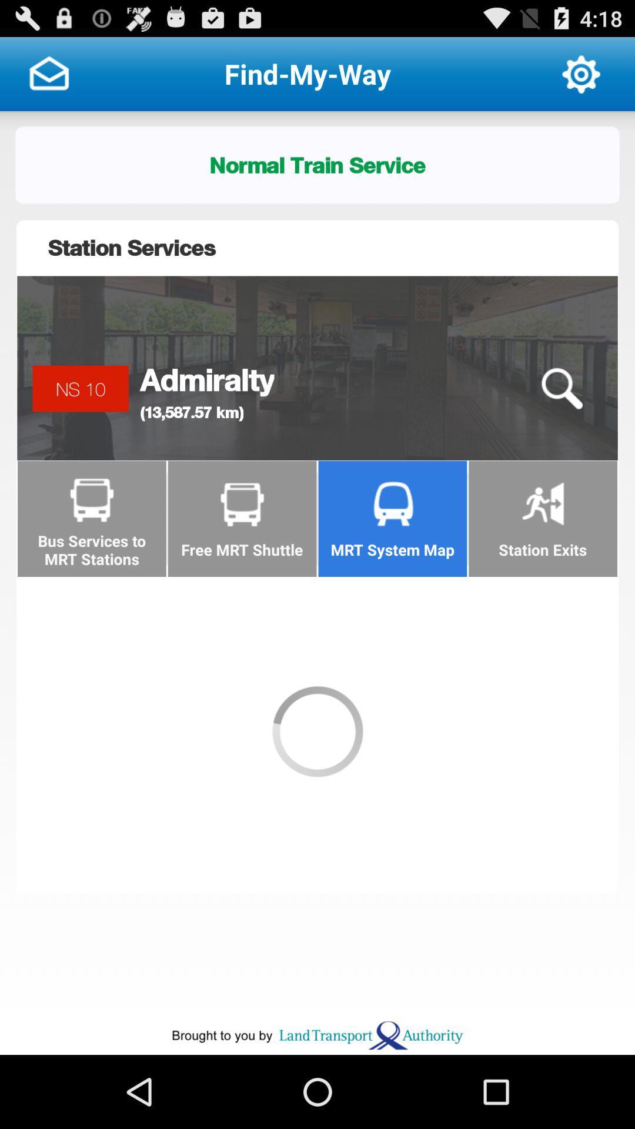  What do you see at coordinates (580, 73) in the screenshot?
I see `open settings` at bounding box center [580, 73].